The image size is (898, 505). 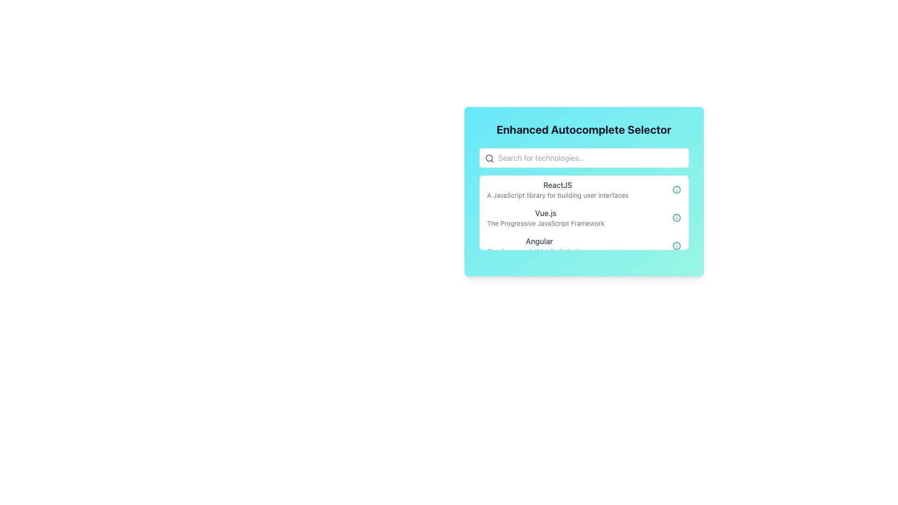 I want to click on the circular information icon with a teal outline, located to the far right of the 'Angular' list item in the Enhanced Autocomplete Selector section, so click(x=676, y=245).